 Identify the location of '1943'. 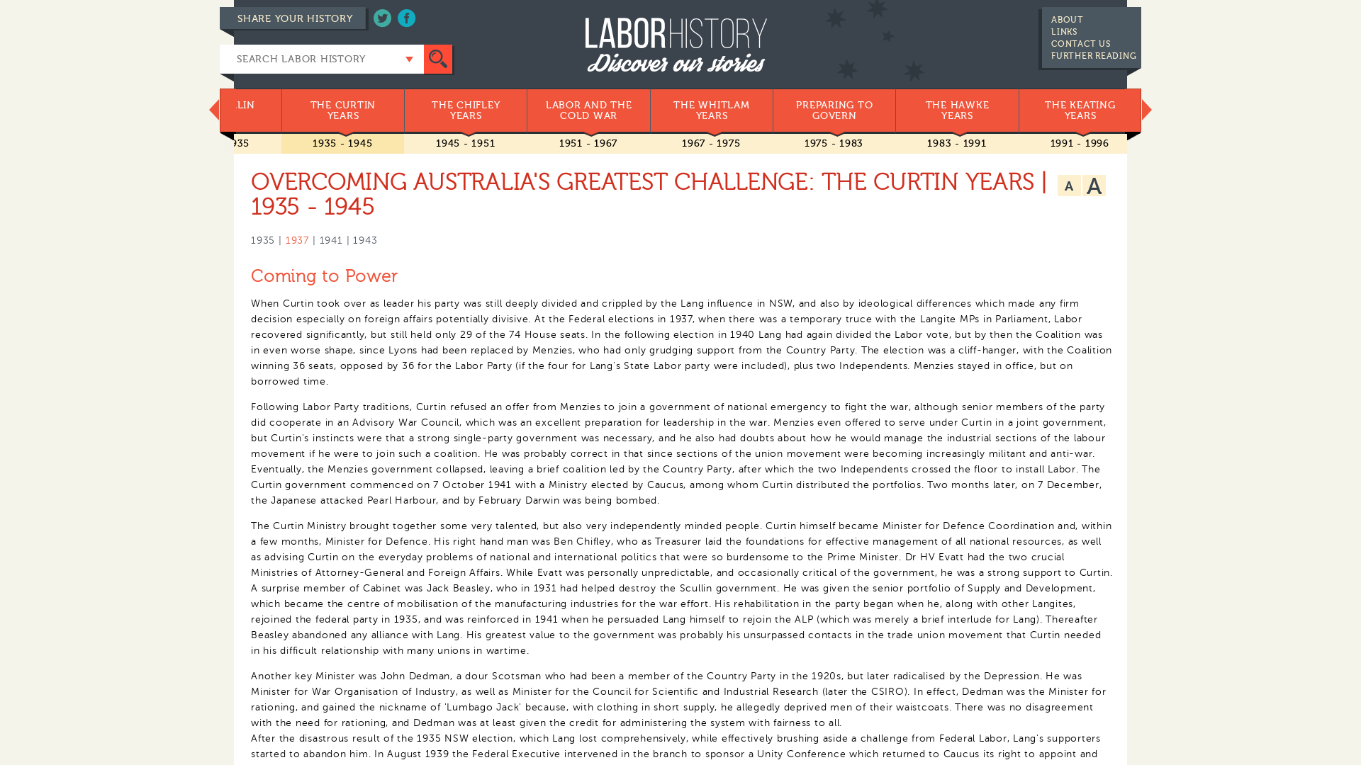
(353, 239).